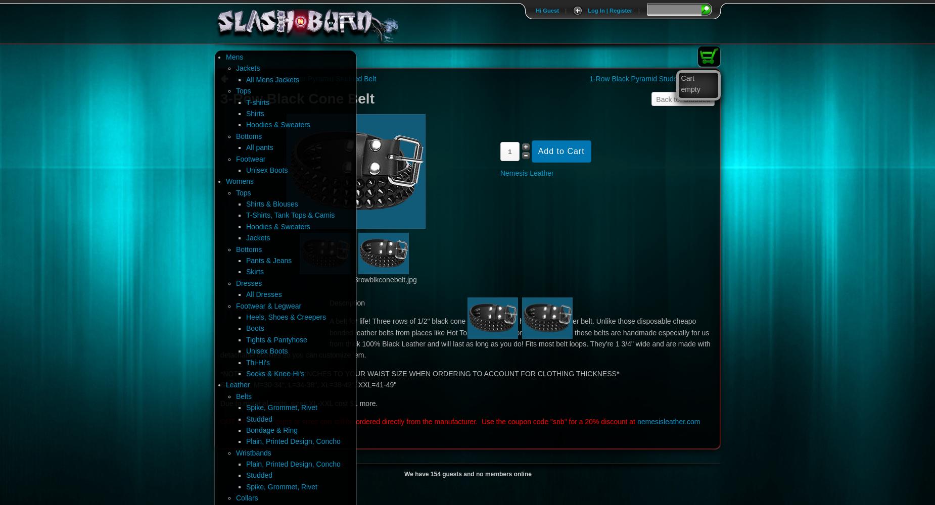  What do you see at coordinates (644, 79) in the screenshot?
I see `'1-Row Black Pyramid Studded Belt'` at bounding box center [644, 79].